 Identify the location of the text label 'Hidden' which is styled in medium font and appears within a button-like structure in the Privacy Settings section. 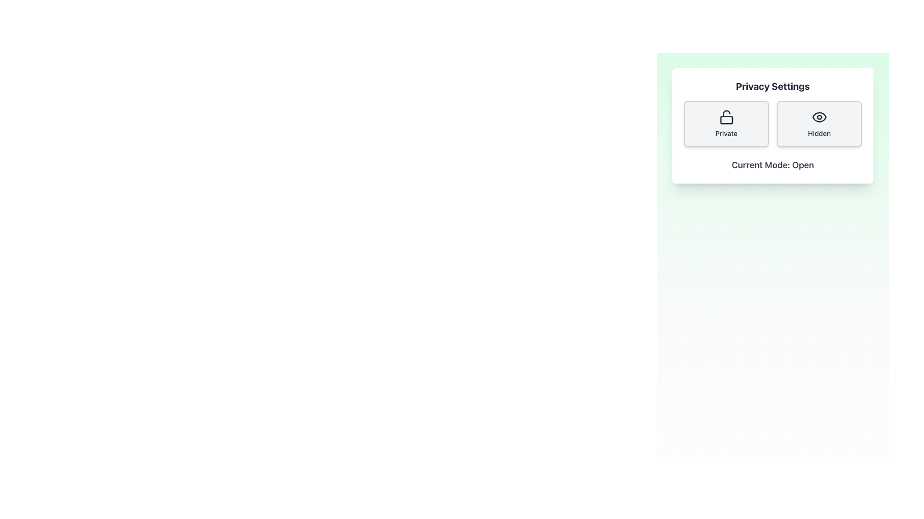
(819, 133).